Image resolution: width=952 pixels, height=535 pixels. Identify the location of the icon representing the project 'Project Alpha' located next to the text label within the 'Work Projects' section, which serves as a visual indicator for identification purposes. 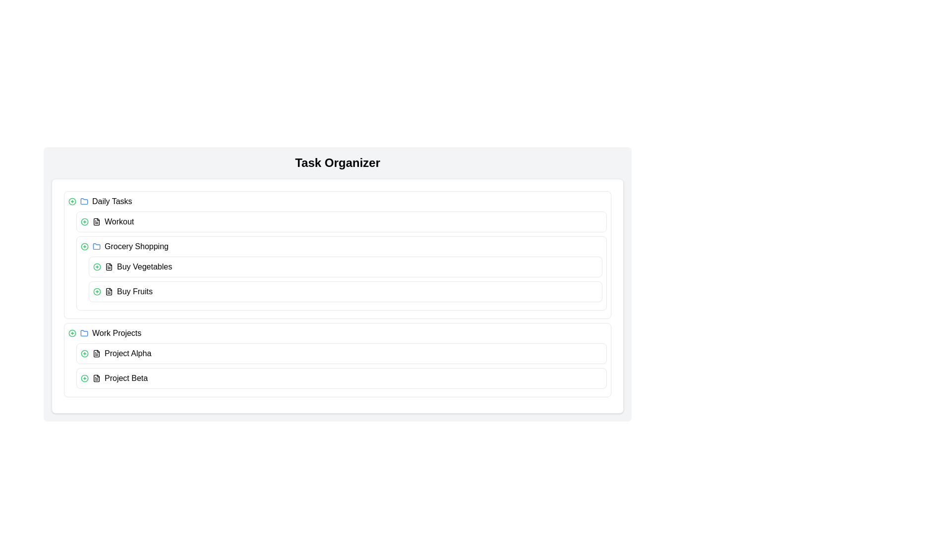
(97, 353).